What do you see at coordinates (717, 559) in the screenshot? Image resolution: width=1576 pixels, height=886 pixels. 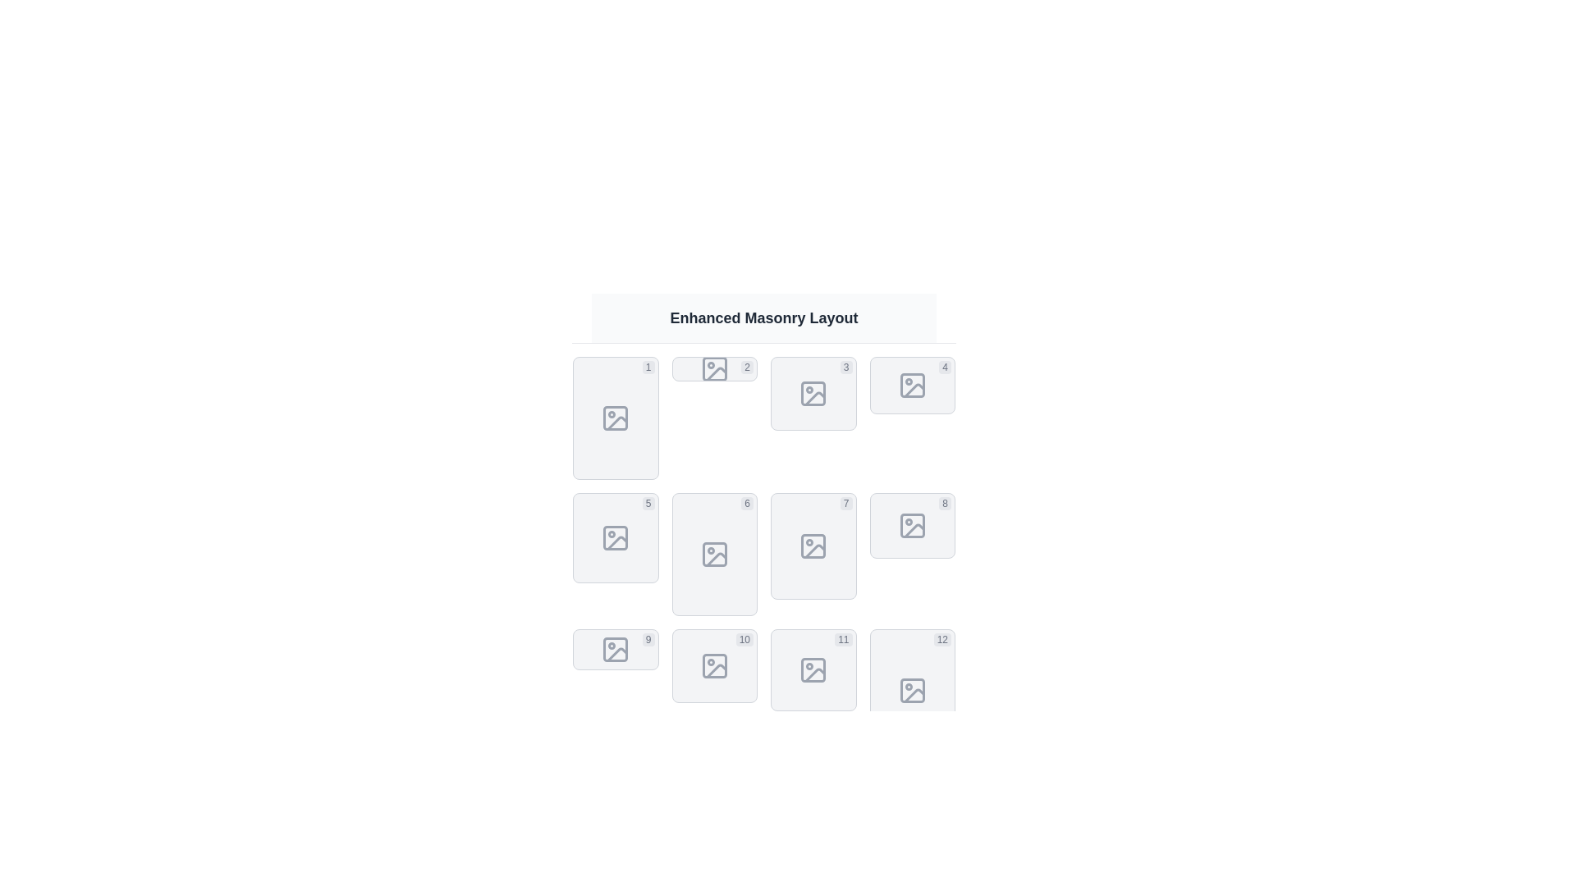 I see `the Graphical SVG icon that resembles an image, located in the second row and sixth position of the grid layout` at bounding box center [717, 559].